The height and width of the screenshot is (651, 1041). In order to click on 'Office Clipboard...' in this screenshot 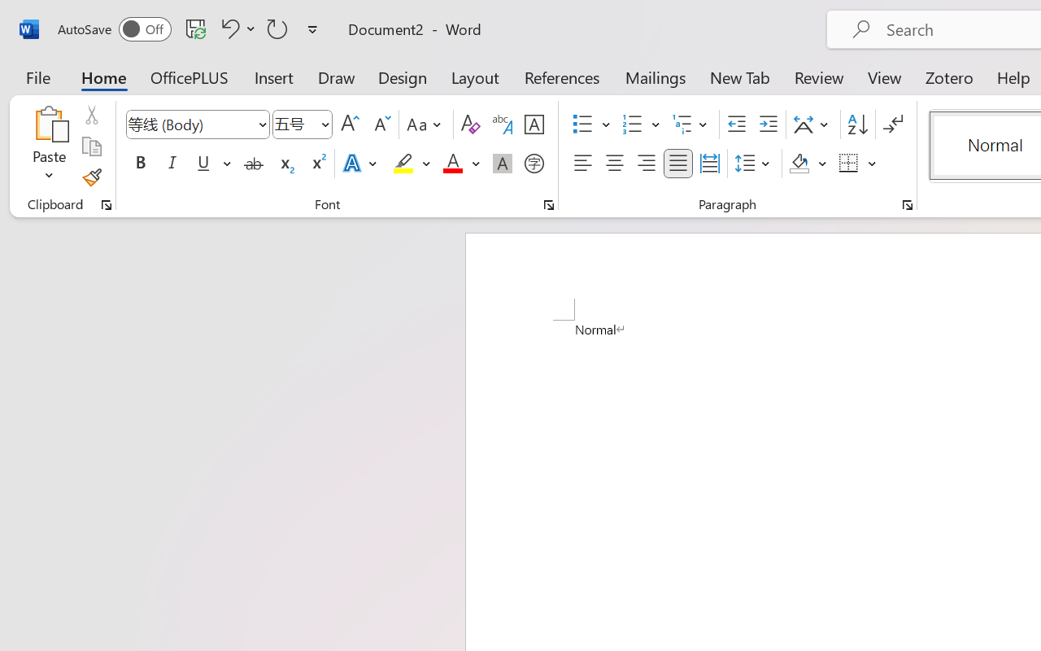, I will do `click(106, 204)`.